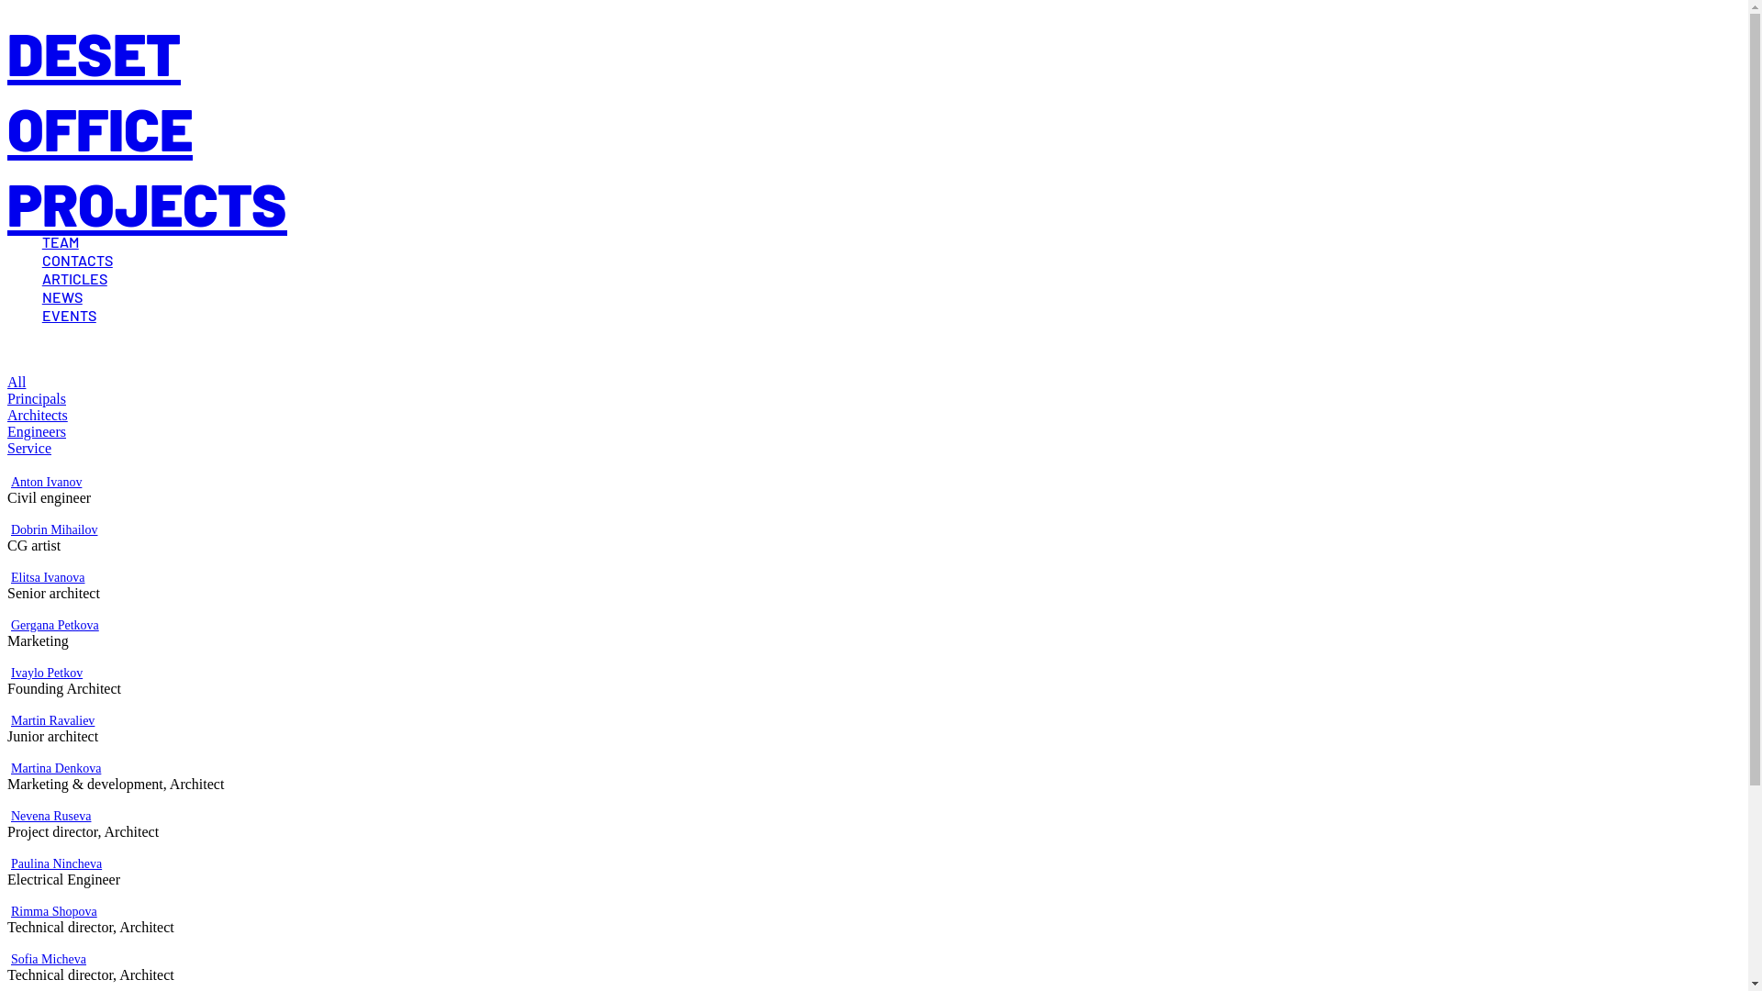 The width and height of the screenshot is (1762, 991). I want to click on 'DESET', so click(93, 51).